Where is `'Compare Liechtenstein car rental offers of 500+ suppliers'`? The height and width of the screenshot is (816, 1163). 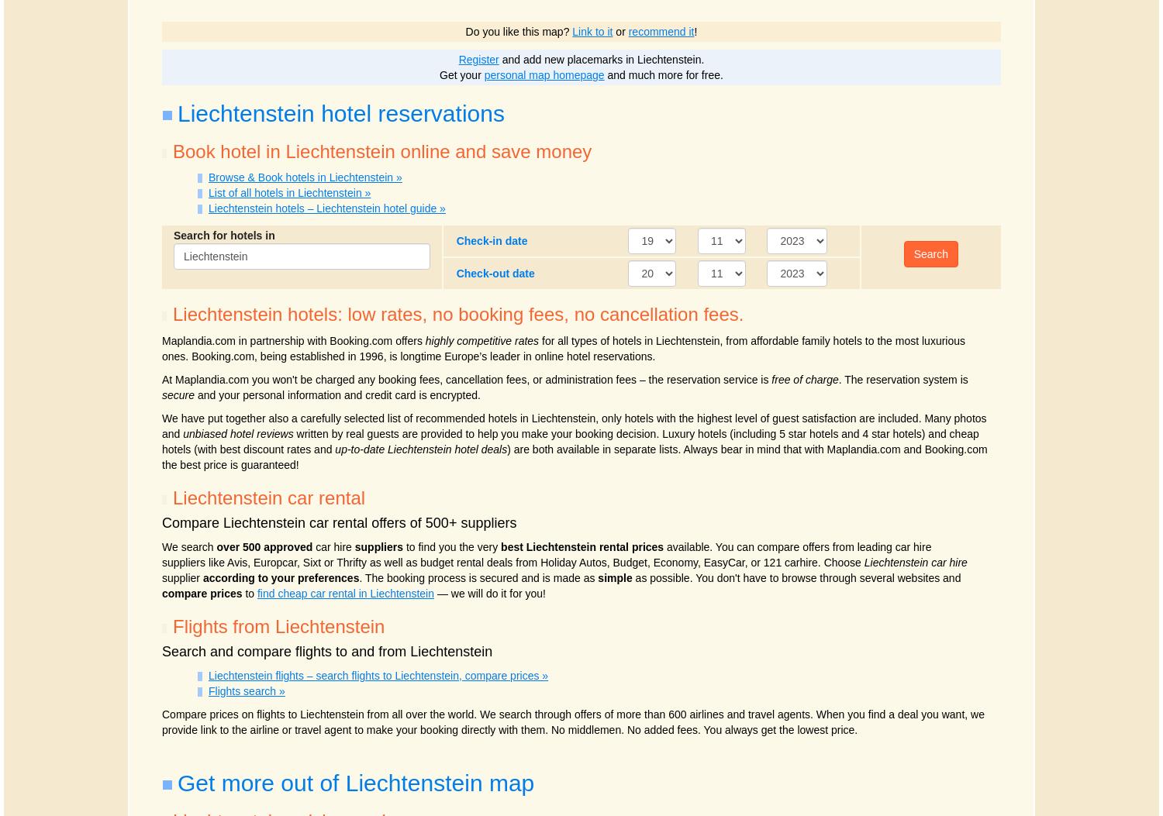 'Compare Liechtenstein car rental offers of 500+ suppliers' is located at coordinates (339, 522).